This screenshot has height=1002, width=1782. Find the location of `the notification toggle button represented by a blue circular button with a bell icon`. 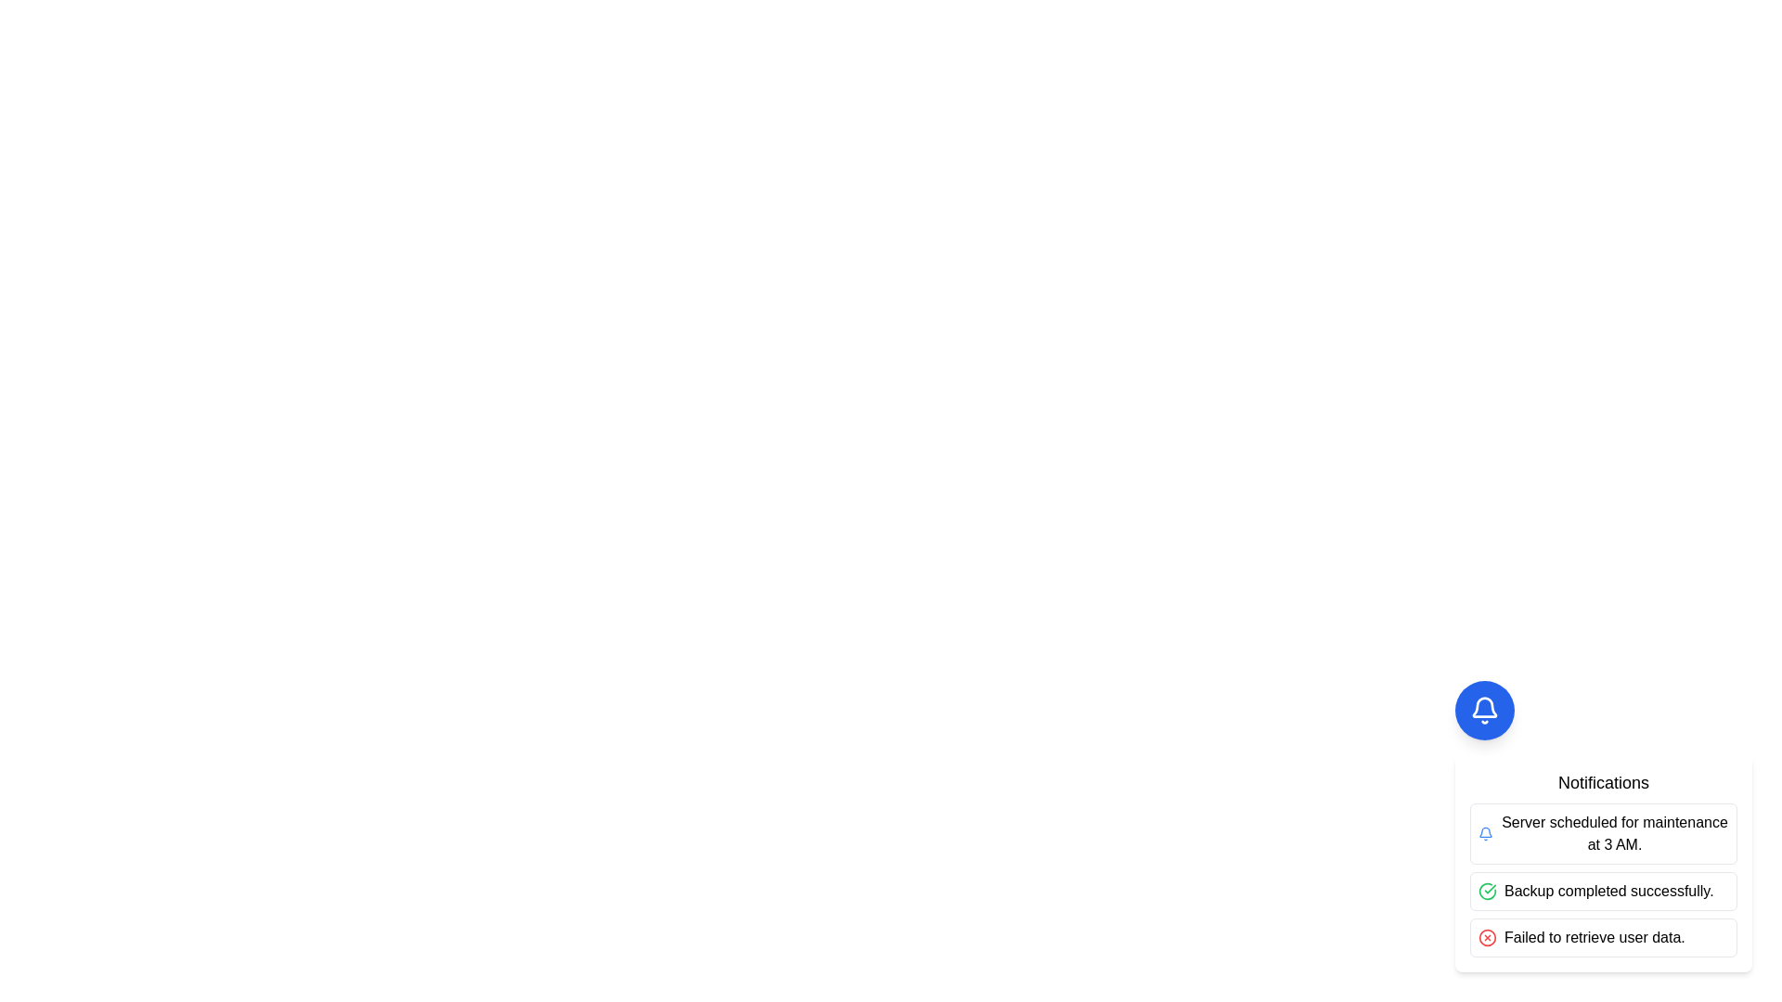

the notification toggle button represented by a blue circular button with a bell icon is located at coordinates (1483, 710).